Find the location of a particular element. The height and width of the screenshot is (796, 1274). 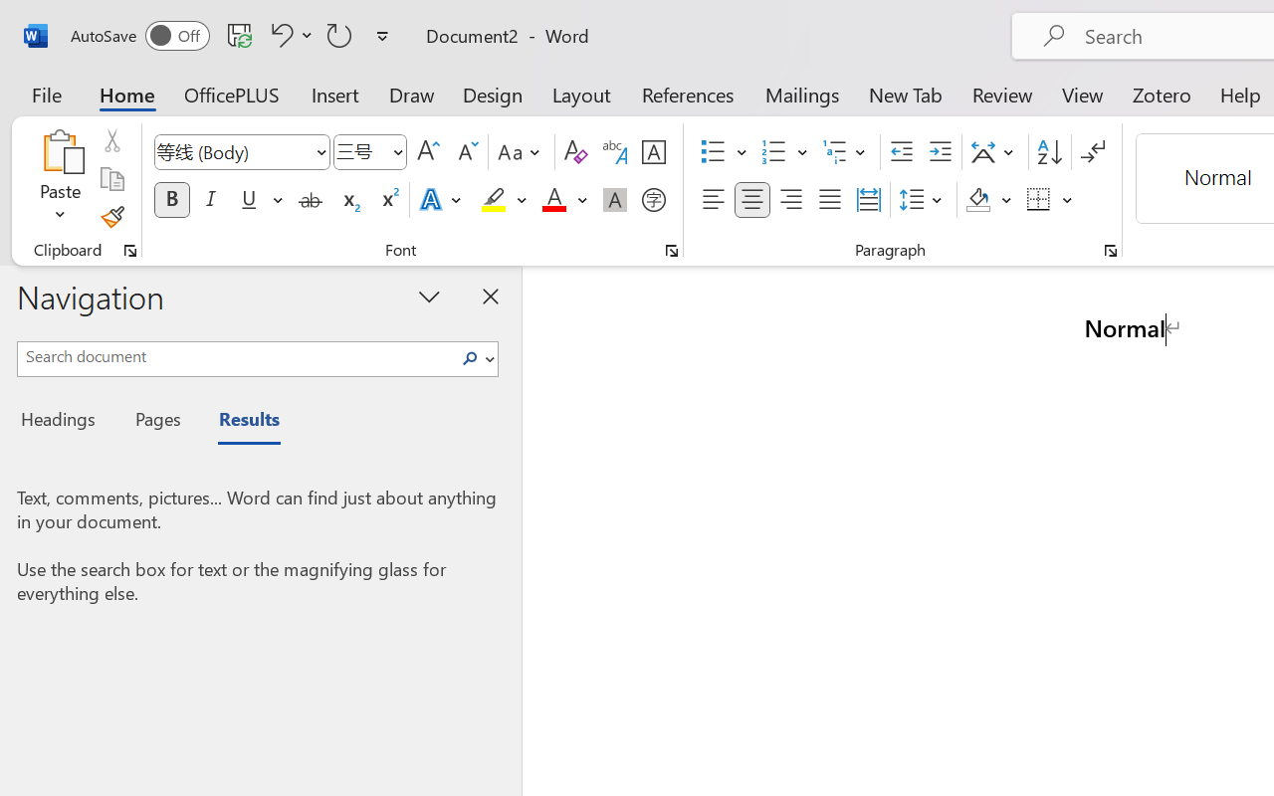

'Center' is located at coordinates (751, 200).